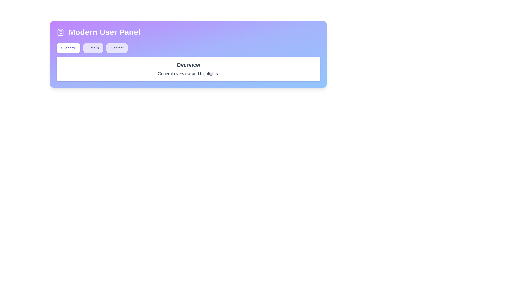  What do you see at coordinates (104, 32) in the screenshot?
I see `text content of the heading element that displays 'Modern User Panel', which is styled in bold white font against a purple background` at bounding box center [104, 32].